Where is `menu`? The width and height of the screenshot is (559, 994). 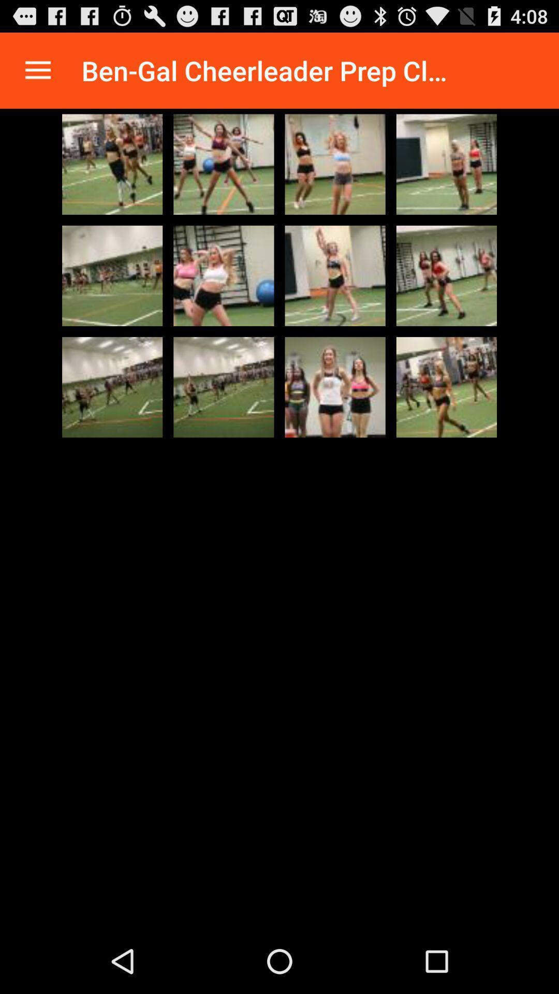
menu is located at coordinates (37, 70).